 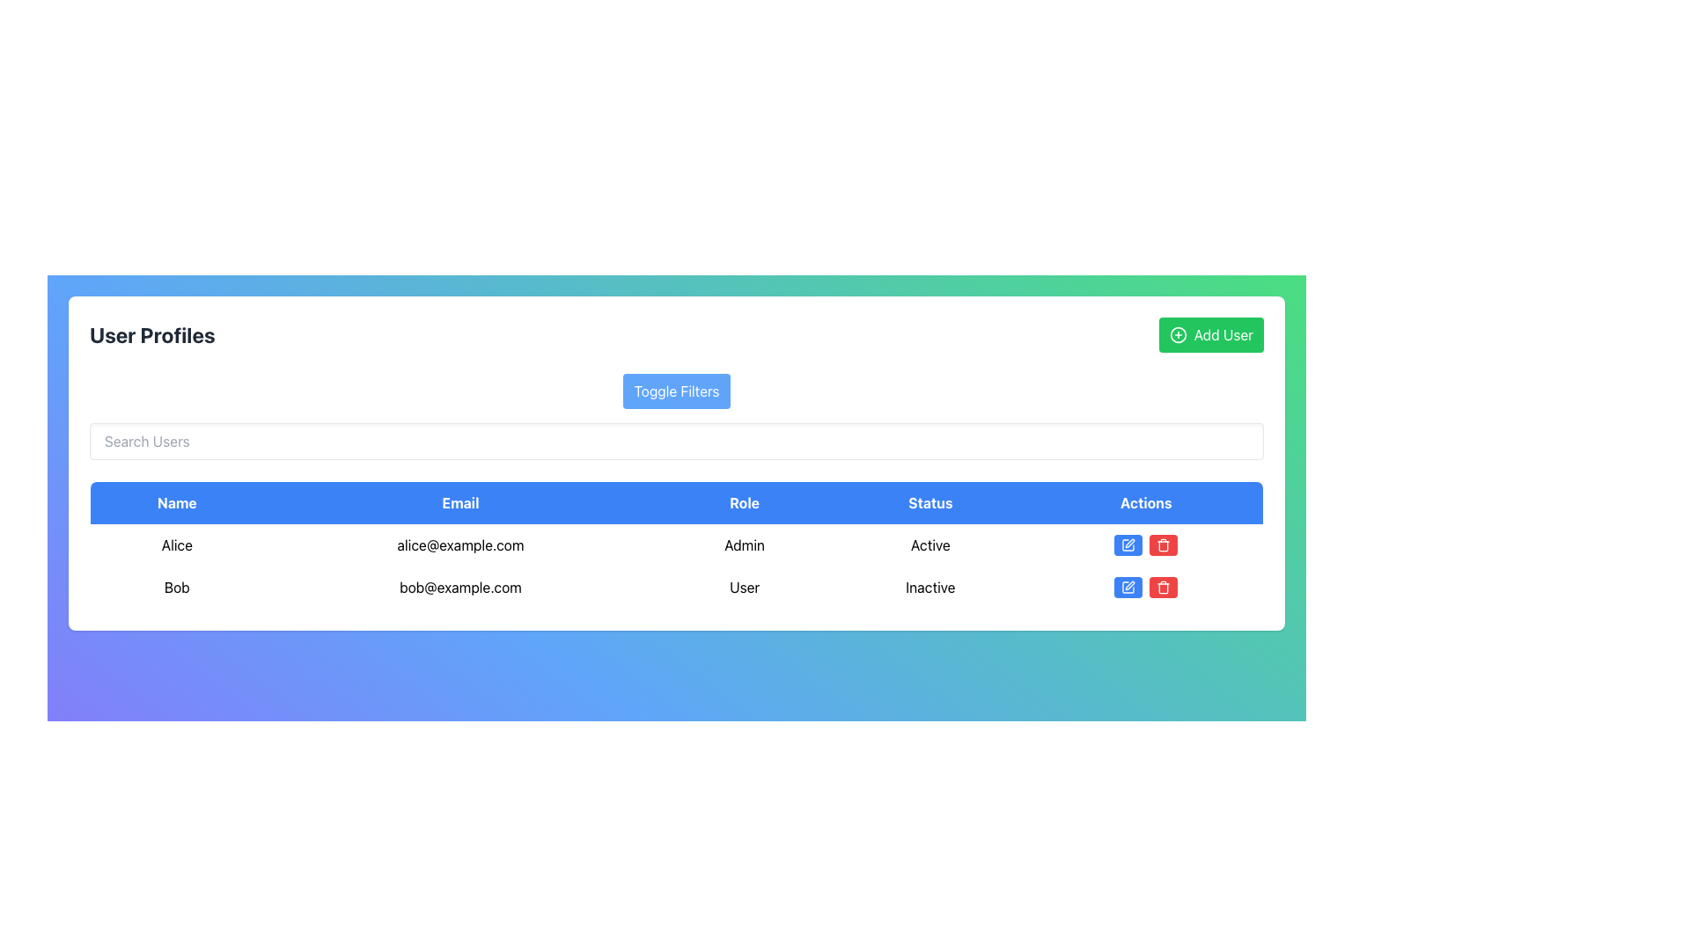 What do you see at coordinates (1164, 545) in the screenshot?
I see `the Trash Can icon in the Actions column of the second row in the User Profiles table` at bounding box center [1164, 545].